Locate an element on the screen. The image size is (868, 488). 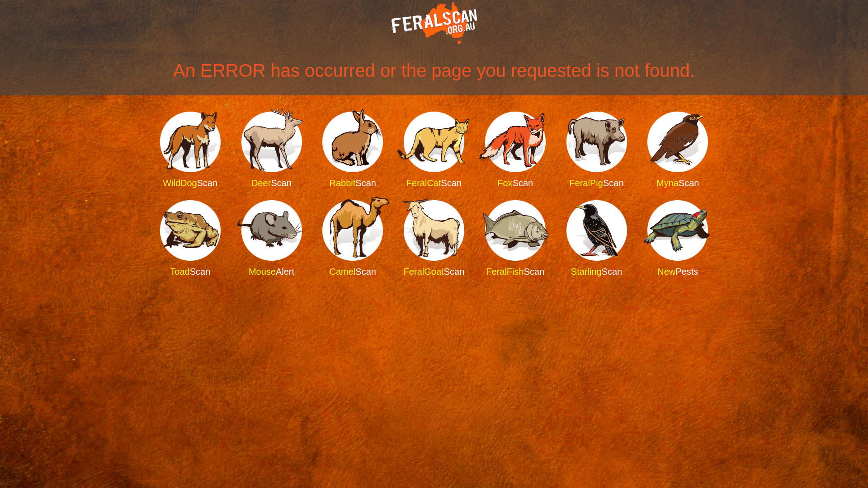
'MynaScan' is located at coordinates (637, 150).